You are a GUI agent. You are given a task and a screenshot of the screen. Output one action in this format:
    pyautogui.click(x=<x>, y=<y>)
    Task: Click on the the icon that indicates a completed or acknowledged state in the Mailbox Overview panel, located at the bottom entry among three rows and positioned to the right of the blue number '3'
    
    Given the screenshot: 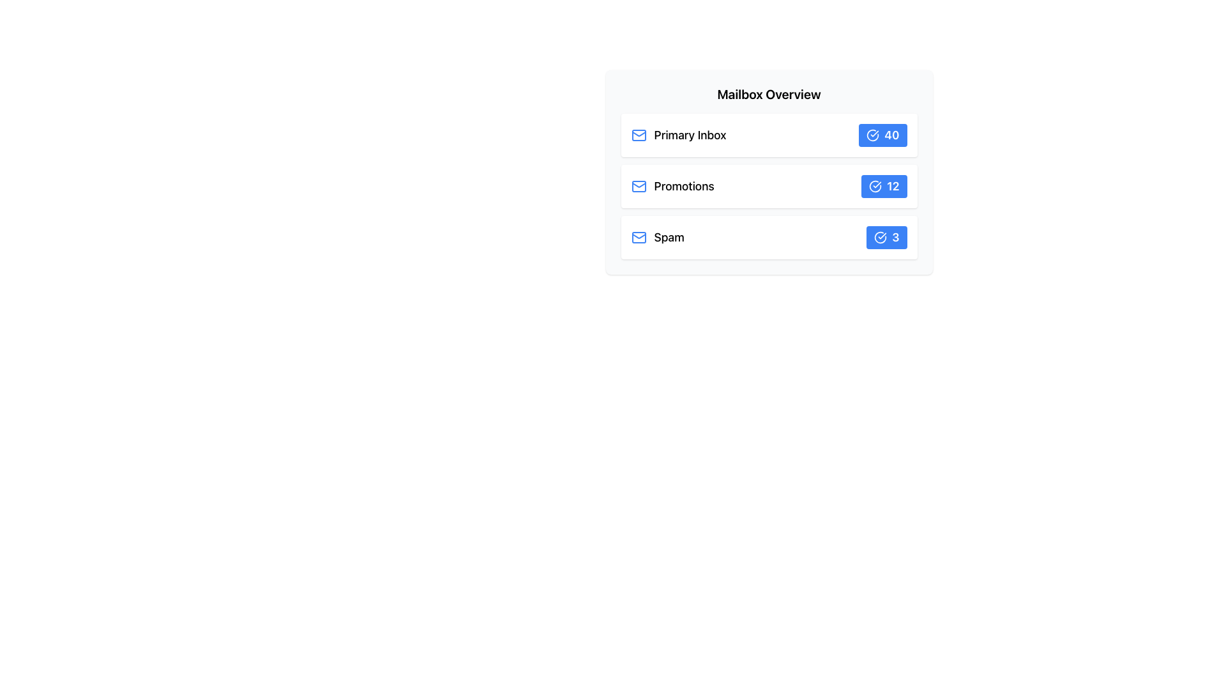 What is the action you would take?
    pyautogui.click(x=880, y=237)
    